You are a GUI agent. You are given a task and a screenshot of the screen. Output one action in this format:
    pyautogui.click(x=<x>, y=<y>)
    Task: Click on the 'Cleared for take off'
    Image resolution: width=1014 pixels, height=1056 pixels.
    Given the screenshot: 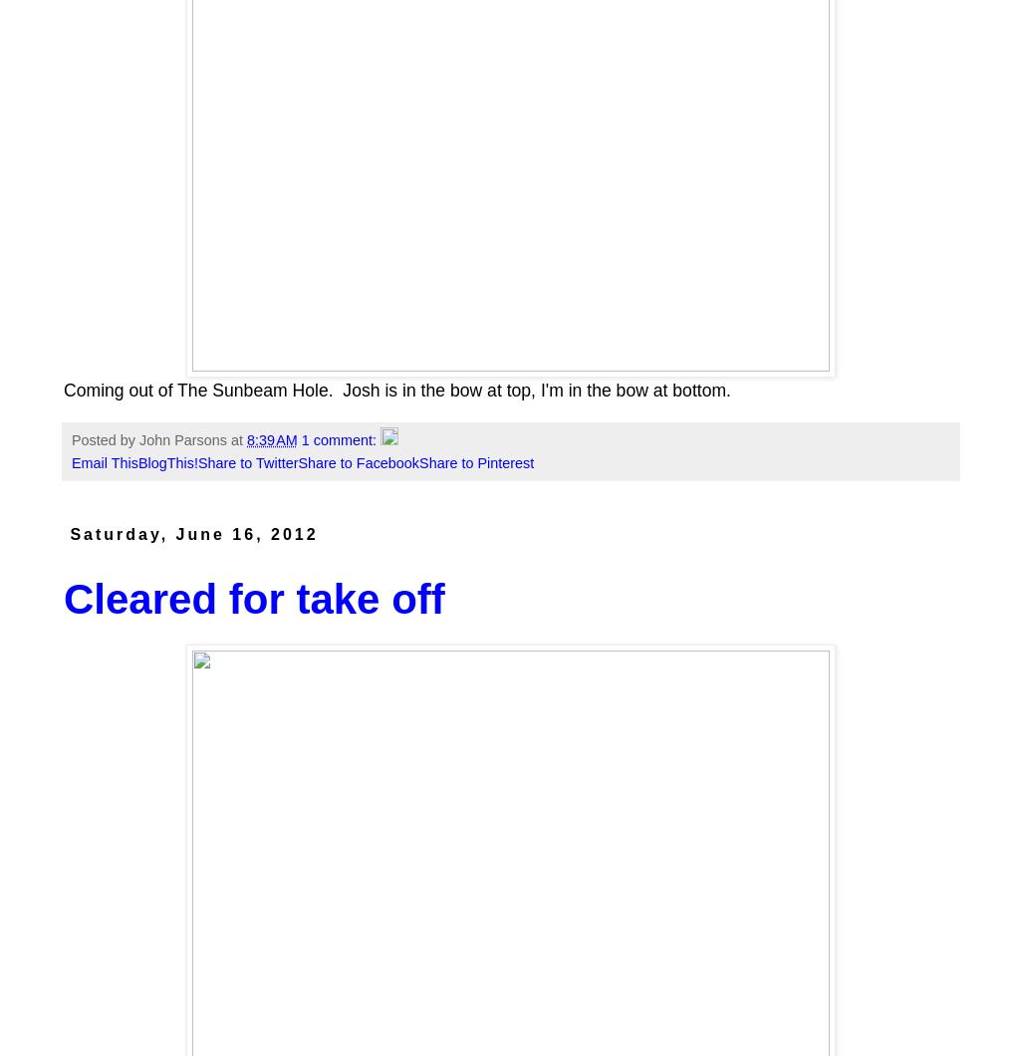 What is the action you would take?
    pyautogui.click(x=64, y=598)
    